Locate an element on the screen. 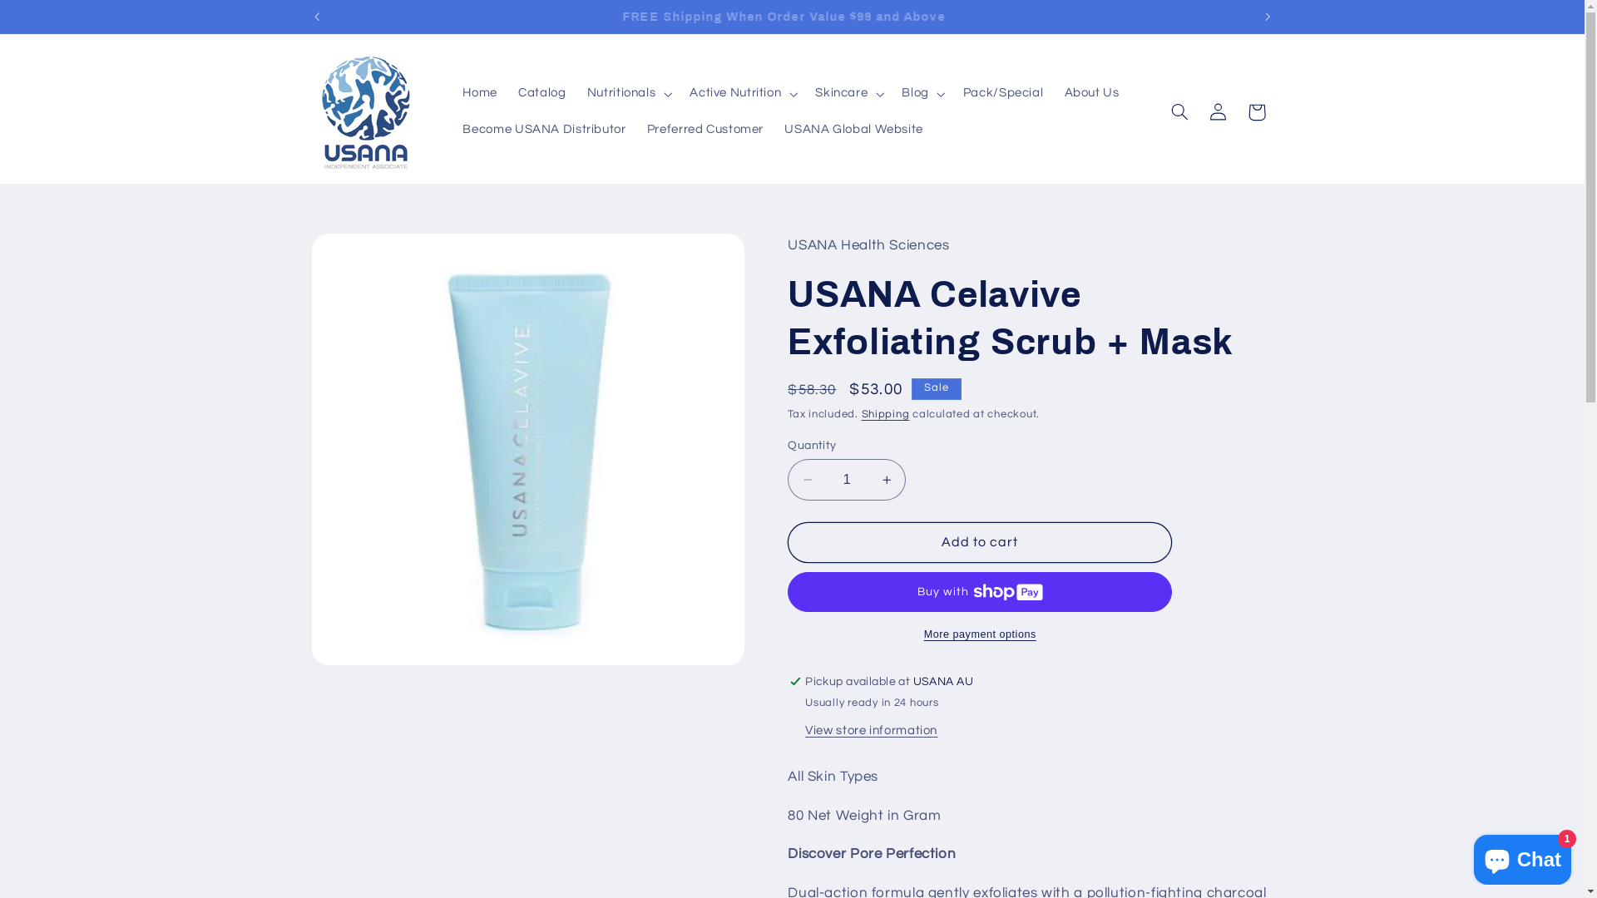  'Home' is located at coordinates (479, 93).